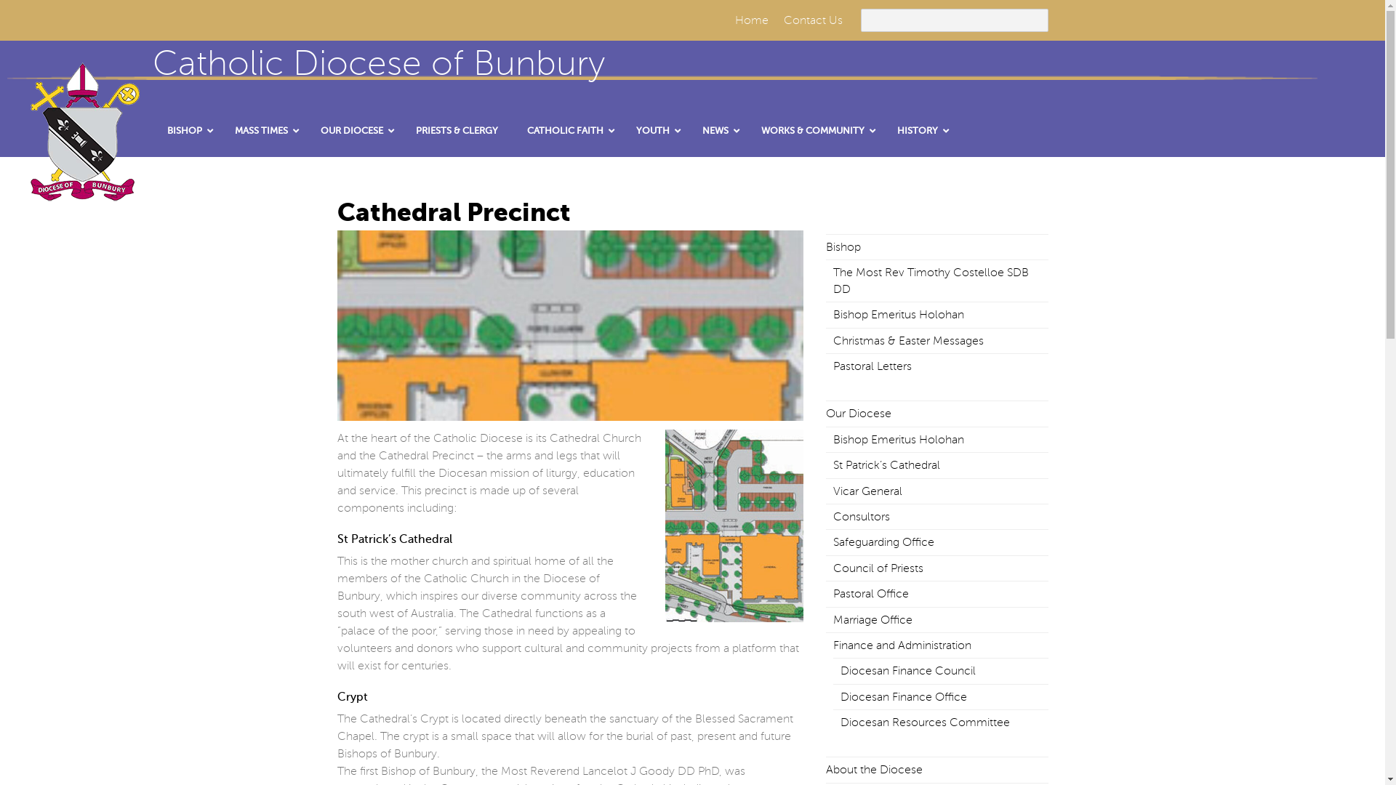 This screenshot has height=785, width=1396. What do you see at coordinates (826, 246) in the screenshot?
I see `'Bishop'` at bounding box center [826, 246].